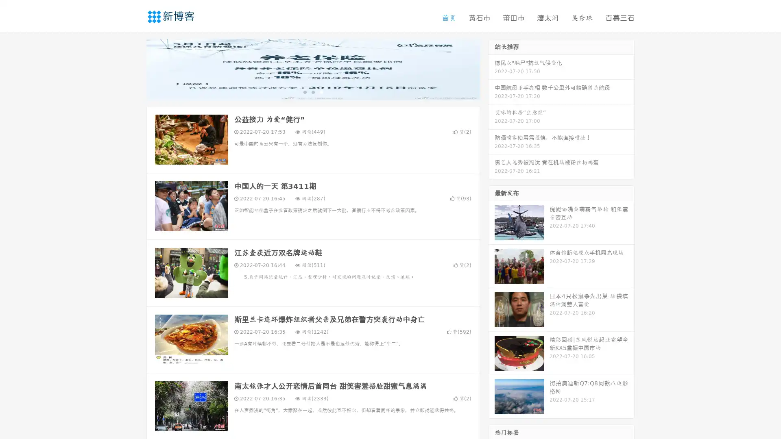  I want to click on Go to slide 2, so click(312, 91).